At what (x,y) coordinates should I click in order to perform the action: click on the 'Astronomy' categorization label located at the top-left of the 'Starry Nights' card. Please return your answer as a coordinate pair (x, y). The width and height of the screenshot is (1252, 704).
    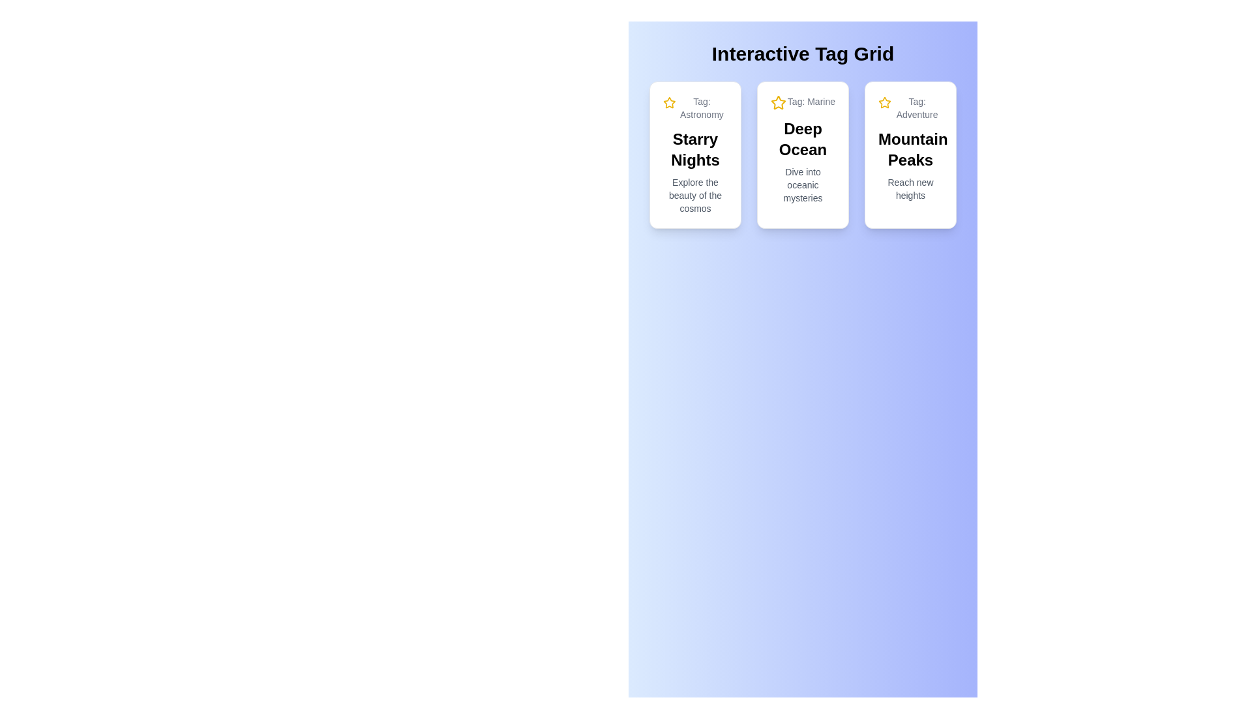
    Looking at the image, I should click on (694, 107).